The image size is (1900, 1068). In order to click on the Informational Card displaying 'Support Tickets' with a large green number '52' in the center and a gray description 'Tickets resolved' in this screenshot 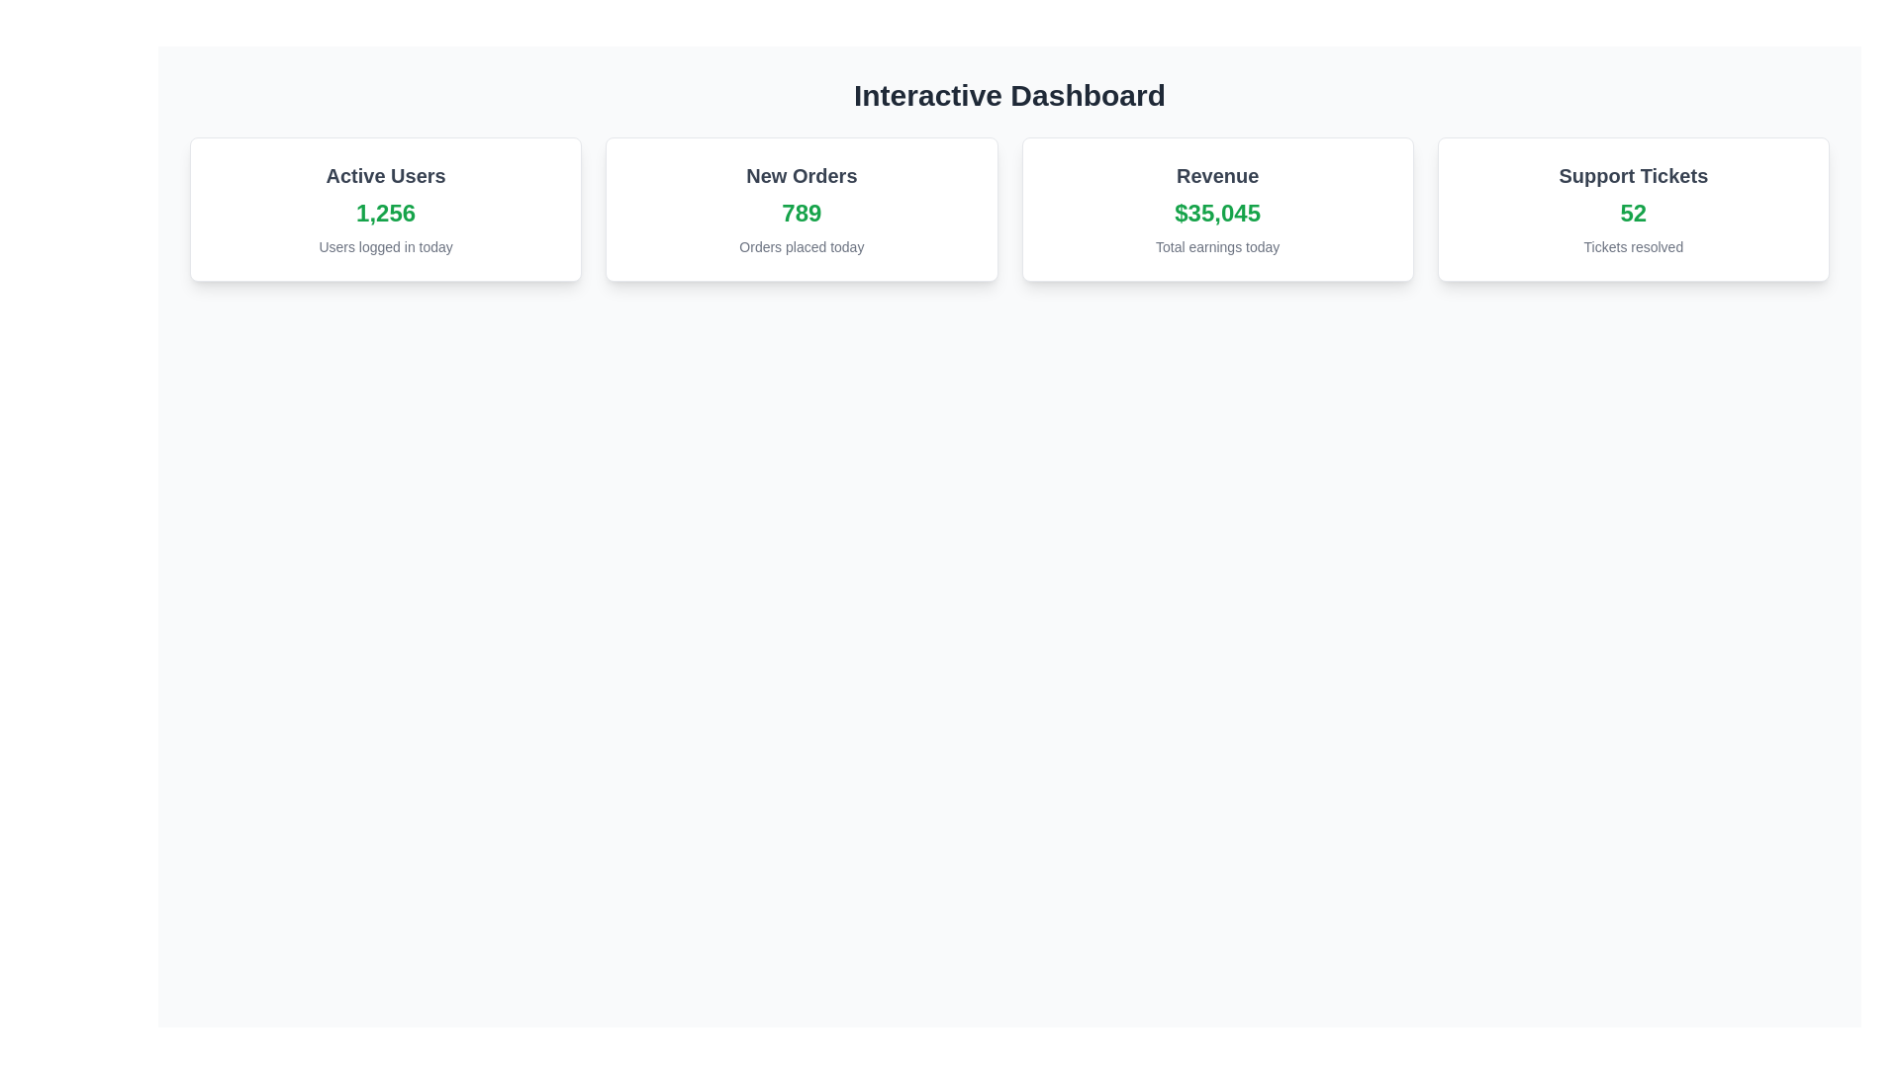, I will do `click(1633, 210)`.